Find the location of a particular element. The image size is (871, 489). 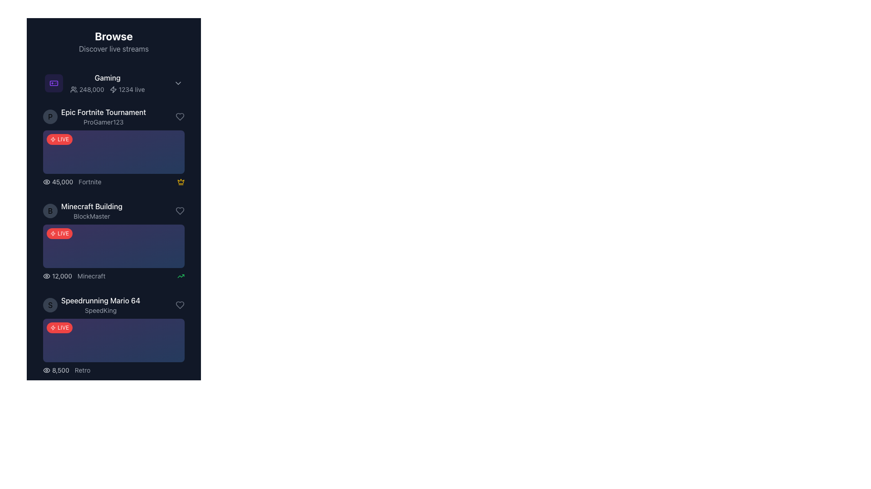

the Icon or Avatar Badge that serves as a visual identifier for the associated text labels, positioned as the leftmost component in the list of live streams is located at coordinates (49, 305).